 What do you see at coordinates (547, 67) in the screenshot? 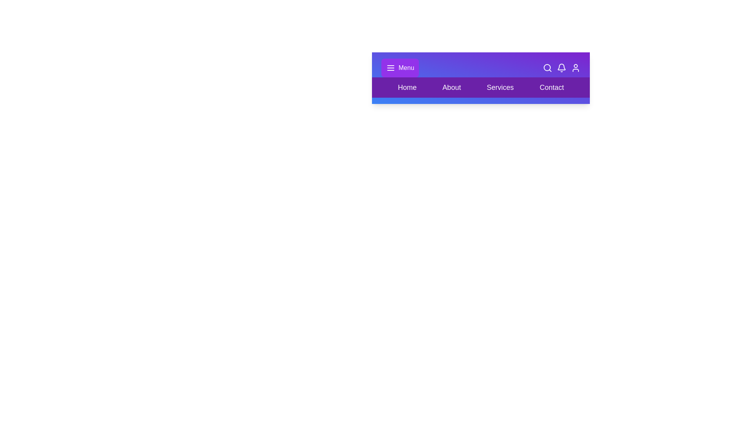
I see `the 'Search' icon to initiate a search action` at bounding box center [547, 67].